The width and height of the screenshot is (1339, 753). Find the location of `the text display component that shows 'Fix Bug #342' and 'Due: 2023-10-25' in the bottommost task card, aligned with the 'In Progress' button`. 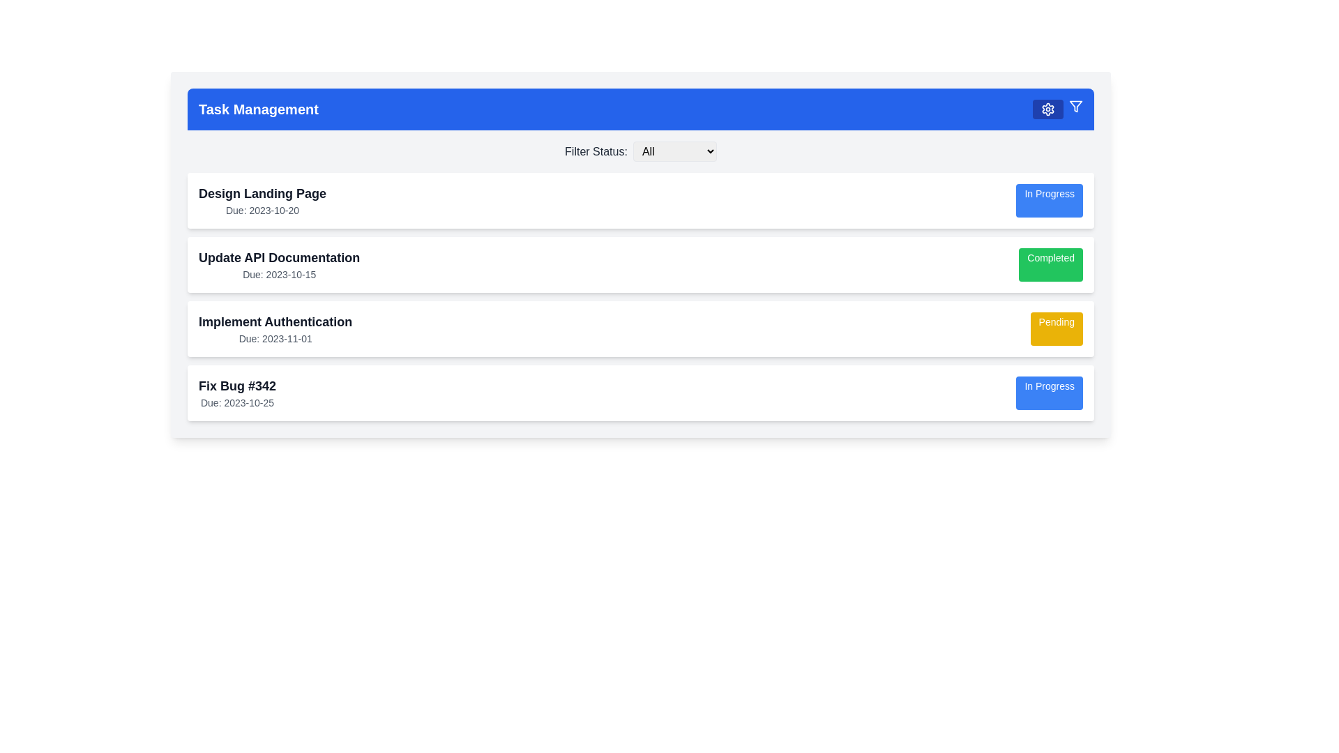

the text display component that shows 'Fix Bug #342' and 'Due: 2023-10-25' in the bottommost task card, aligned with the 'In Progress' button is located at coordinates (237, 393).